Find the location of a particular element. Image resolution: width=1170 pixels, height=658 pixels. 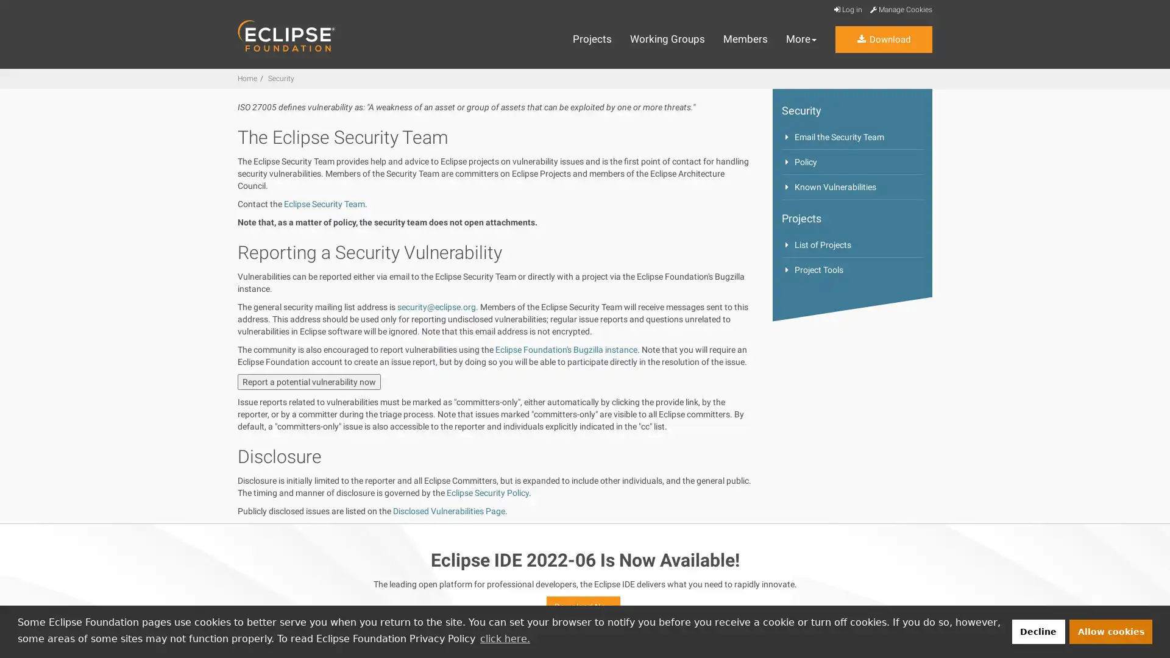

learn more about cookies is located at coordinates (505, 638).